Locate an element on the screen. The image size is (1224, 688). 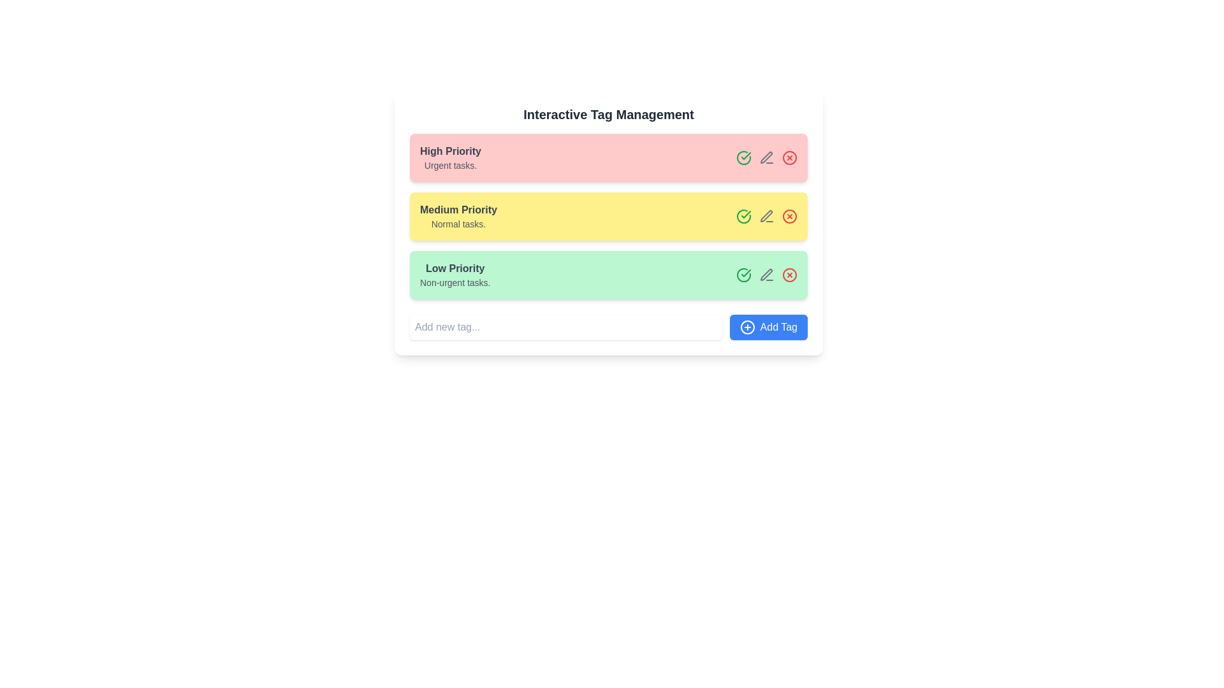
the pen icon button, which is the second icon from the right in the top row of options within the red-highlighted 'High Priority' section is located at coordinates (766, 157).